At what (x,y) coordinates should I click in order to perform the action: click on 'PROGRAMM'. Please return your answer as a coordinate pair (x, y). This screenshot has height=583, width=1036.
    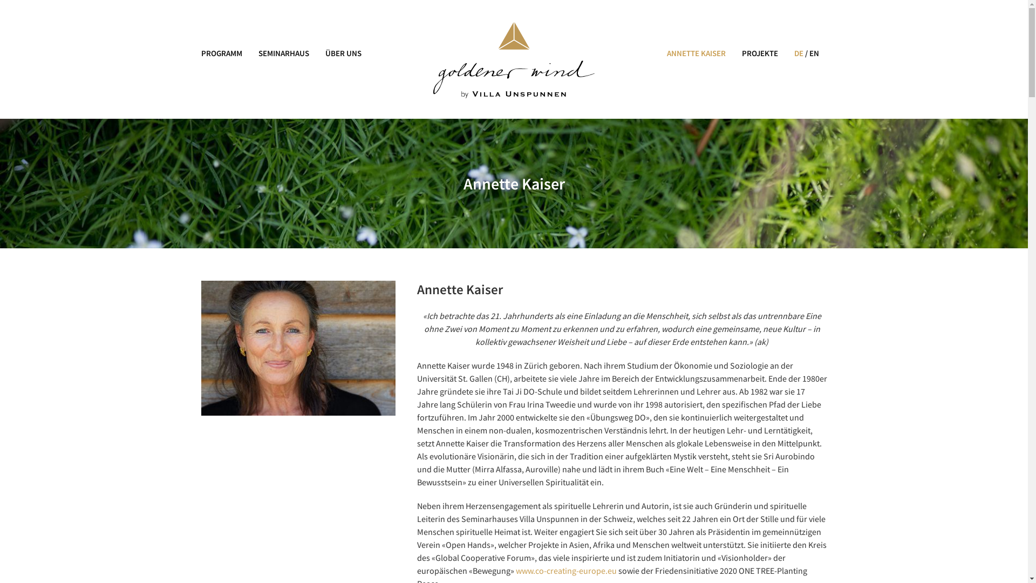
    Looking at the image, I should click on (224, 53).